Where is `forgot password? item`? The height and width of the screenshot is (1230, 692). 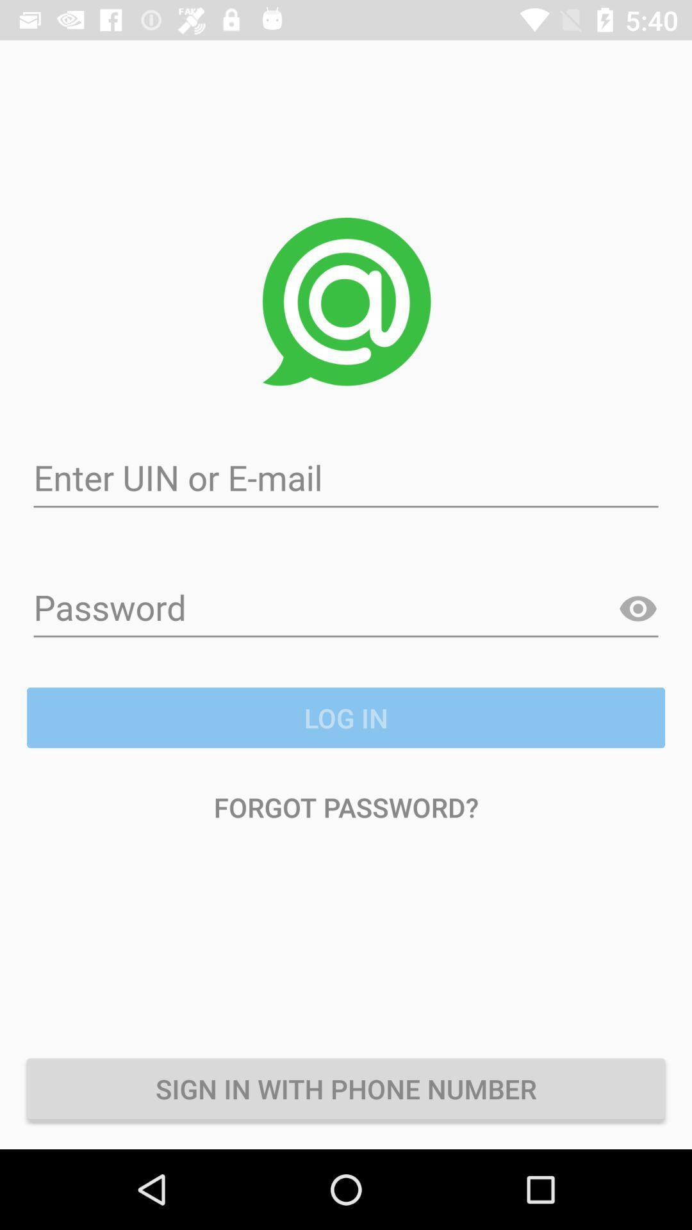
forgot password? item is located at coordinates (346, 806).